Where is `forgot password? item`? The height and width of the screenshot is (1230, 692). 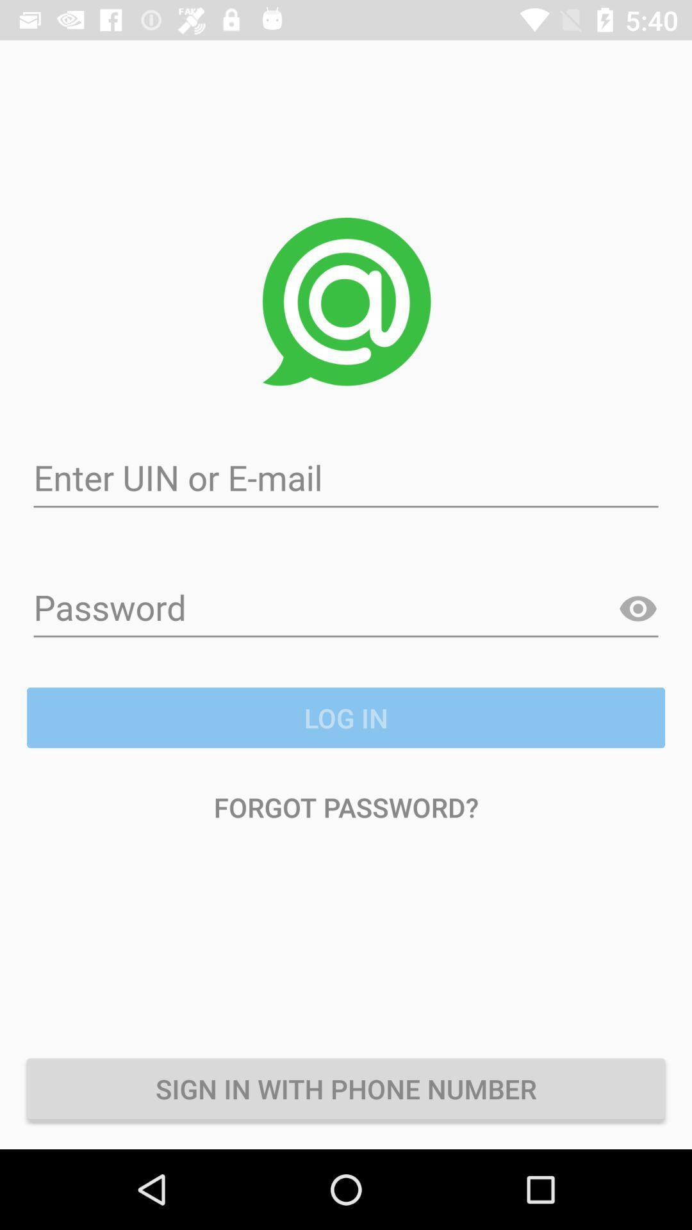
forgot password? item is located at coordinates (346, 806).